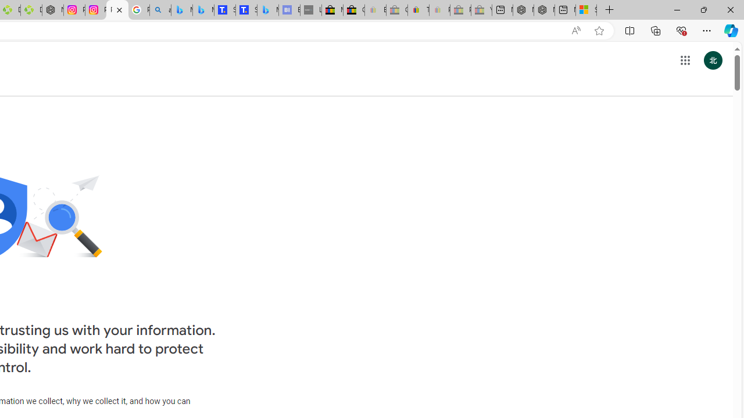 This screenshot has height=418, width=744. What do you see at coordinates (267, 10) in the screenshot?
I see `'Microsoft Bing Travel - Shangri-La Hotel Bangkok'` at bounding box center [267, 10].